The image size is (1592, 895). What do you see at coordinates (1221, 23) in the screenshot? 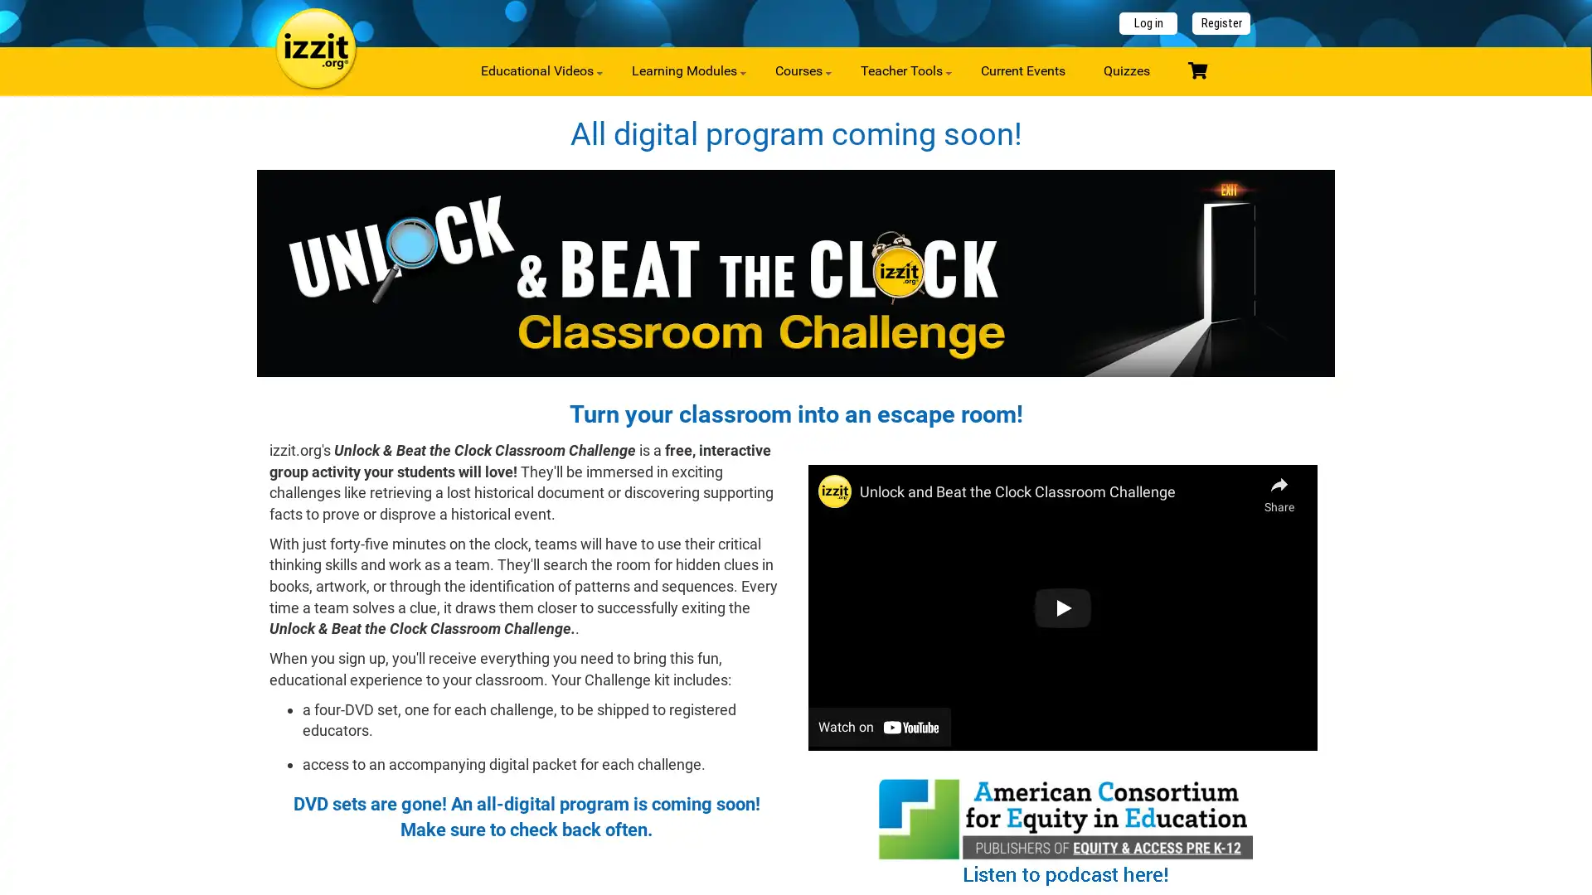
I see `Register` at bounding box center [1221, 23].